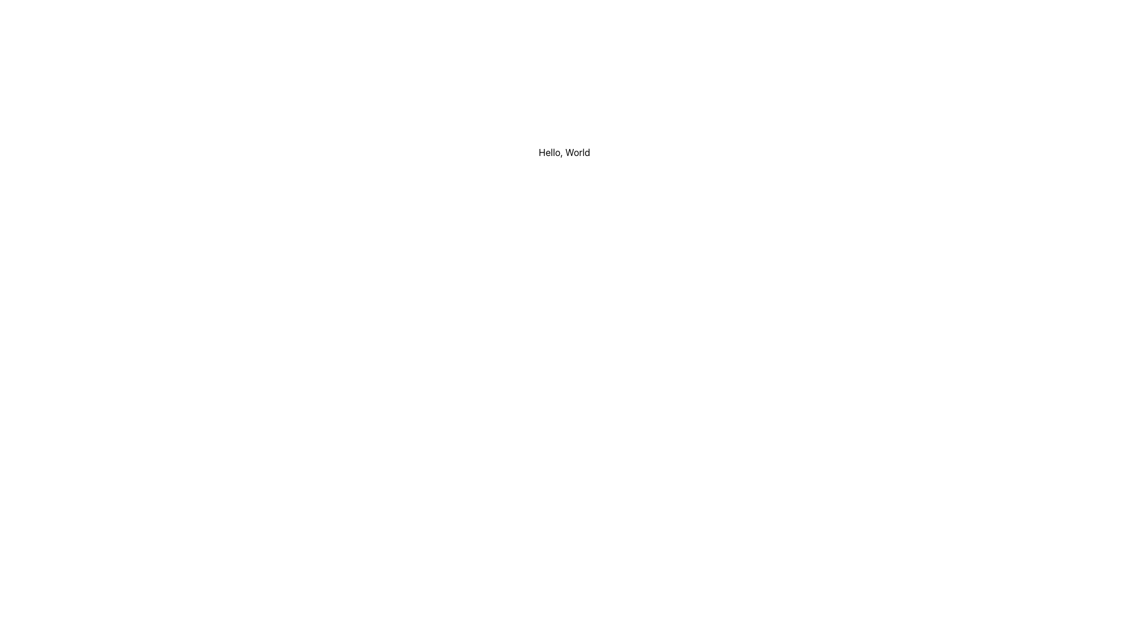  What do you see at coordinates (564, 152) in the screenshot?
I see `the Static Text Label that displays 'Hello, World' to greet the user` at bounding box center [564, 152].